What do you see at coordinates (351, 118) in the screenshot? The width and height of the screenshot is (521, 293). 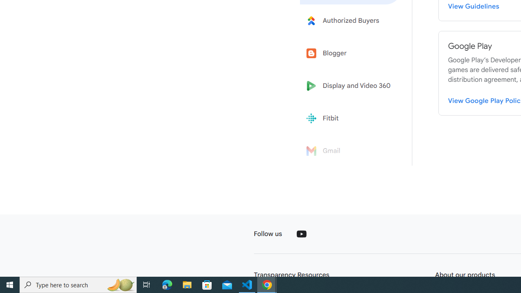 I see `'Fitbit'` at bounding box center [351, 118].